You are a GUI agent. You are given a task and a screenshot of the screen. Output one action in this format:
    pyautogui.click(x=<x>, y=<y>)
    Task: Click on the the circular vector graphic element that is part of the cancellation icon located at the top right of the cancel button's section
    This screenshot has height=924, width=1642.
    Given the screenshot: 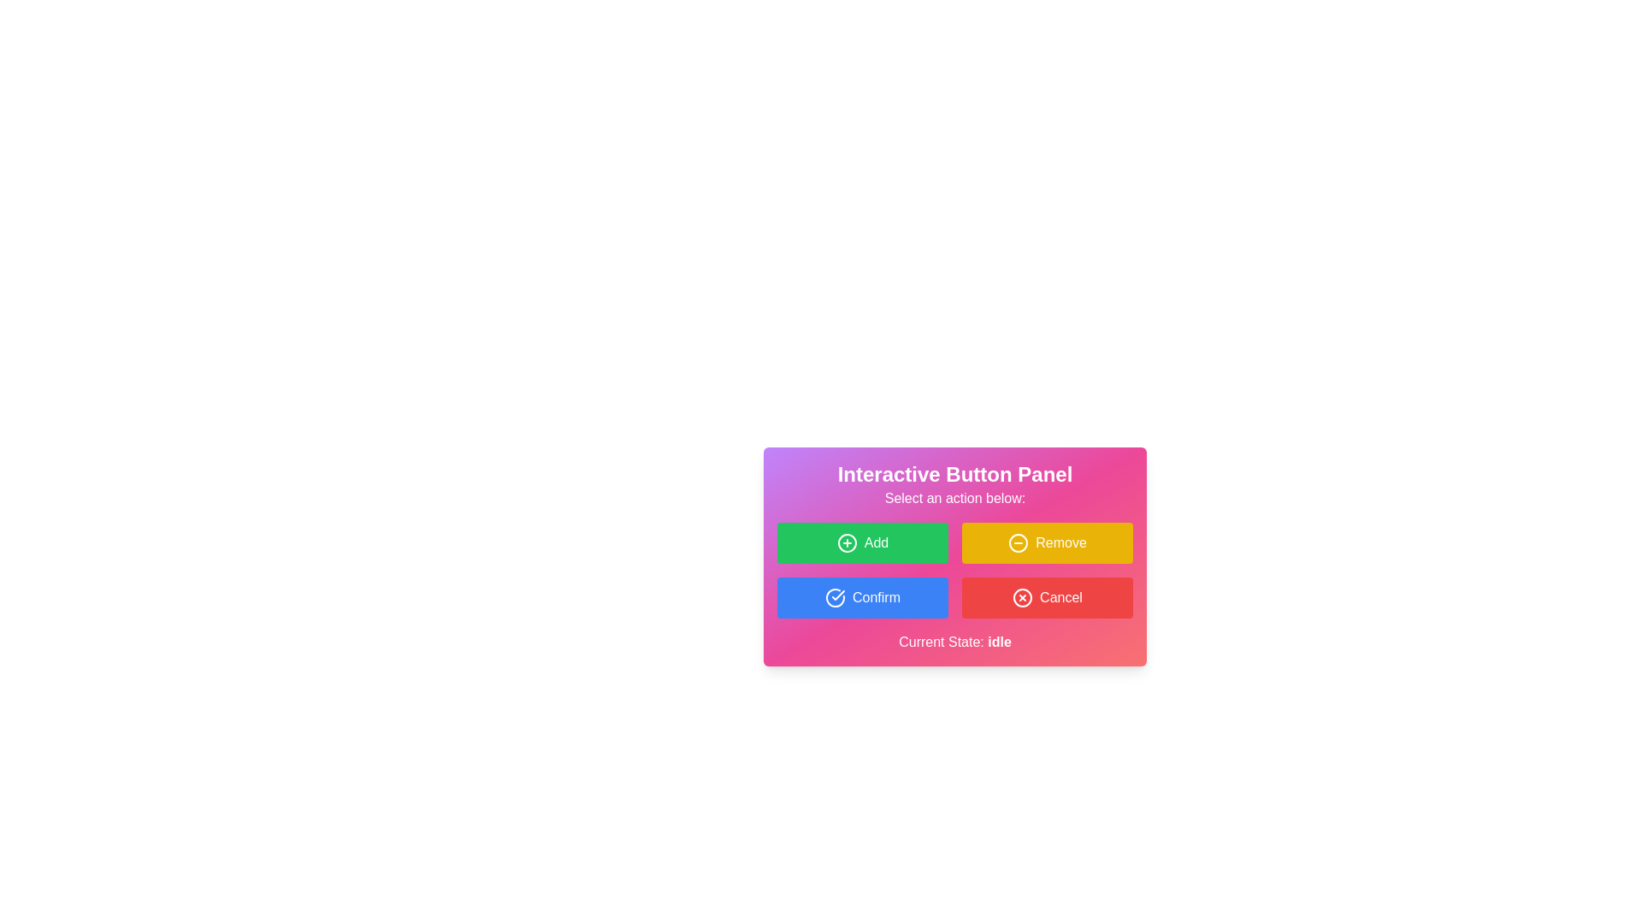 What is the action you would take?
    pyautogui.click(x=1023, y=596)
    